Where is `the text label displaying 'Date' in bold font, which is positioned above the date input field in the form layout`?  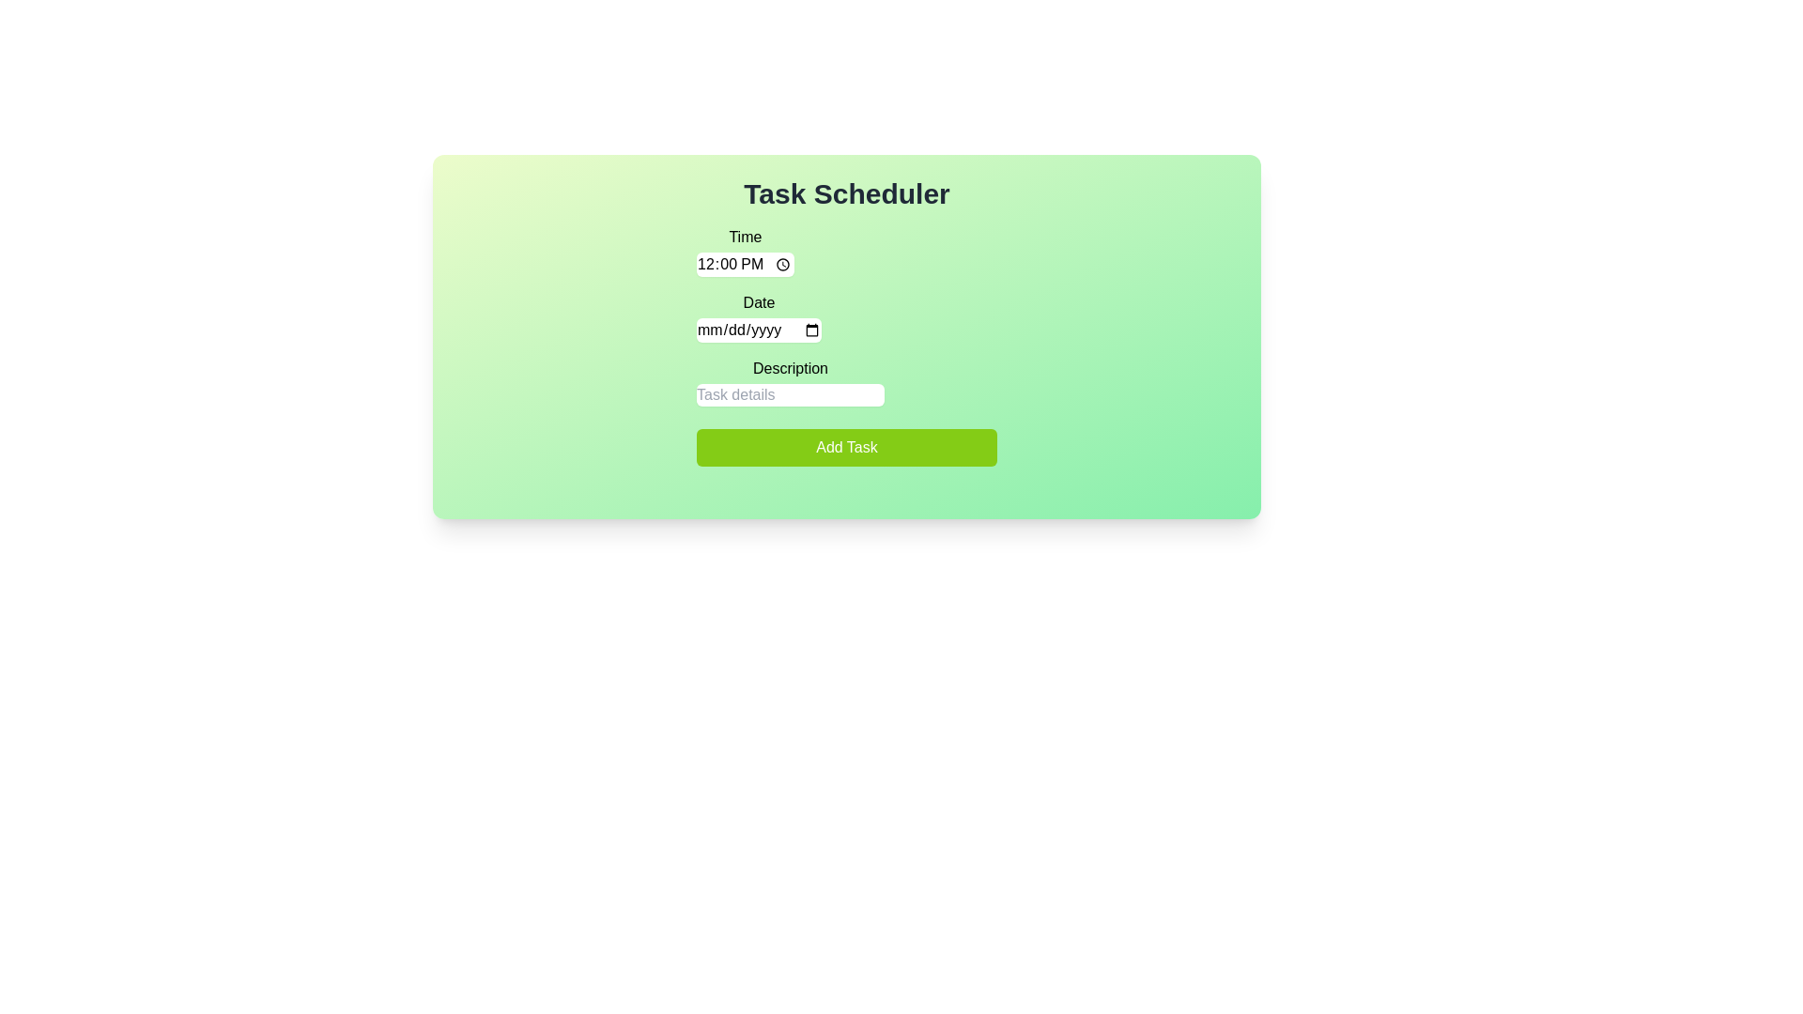
the text label displaying 'Date' in bold font, which is positioned above the date input field in the form layout is located at coordinates (759, 302).